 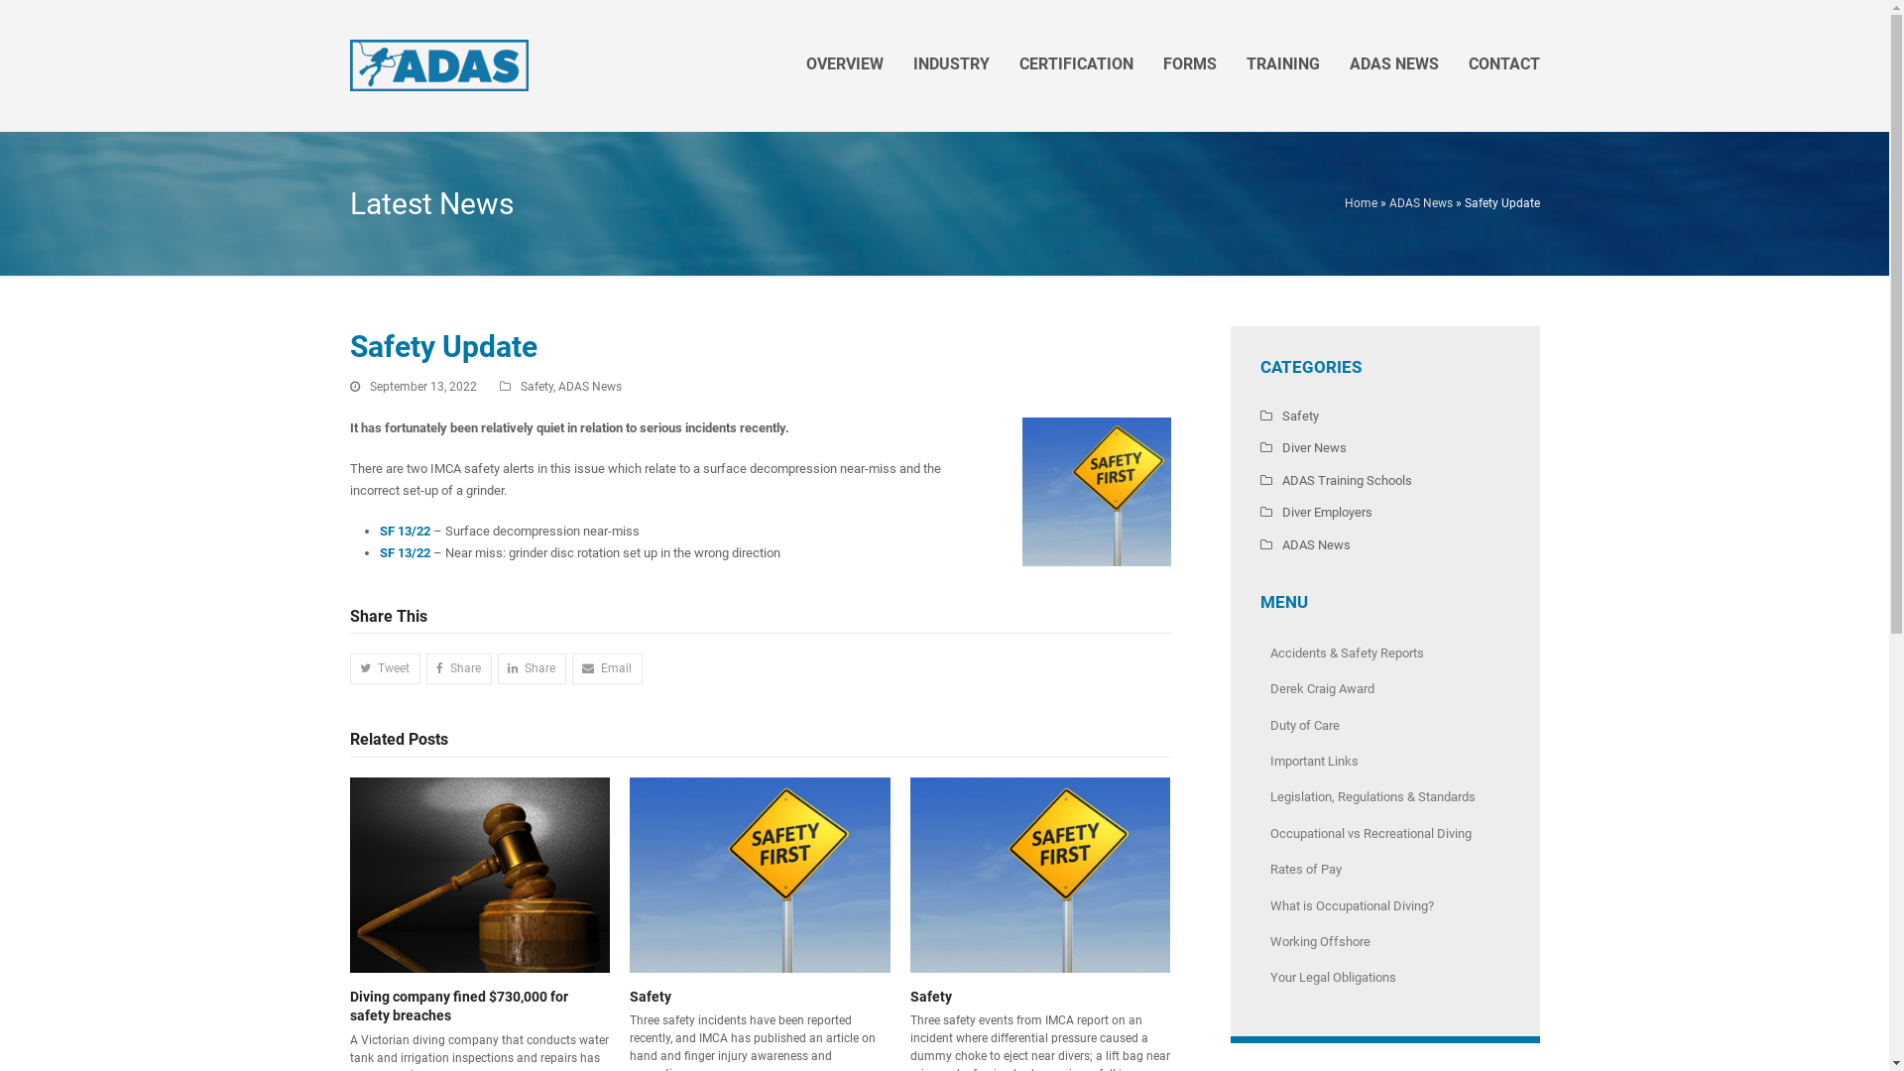 What do you see at coordinates (950, 63) in the screenshot?
I see `'INDUSTRY'` at bounding box center [950, 63].